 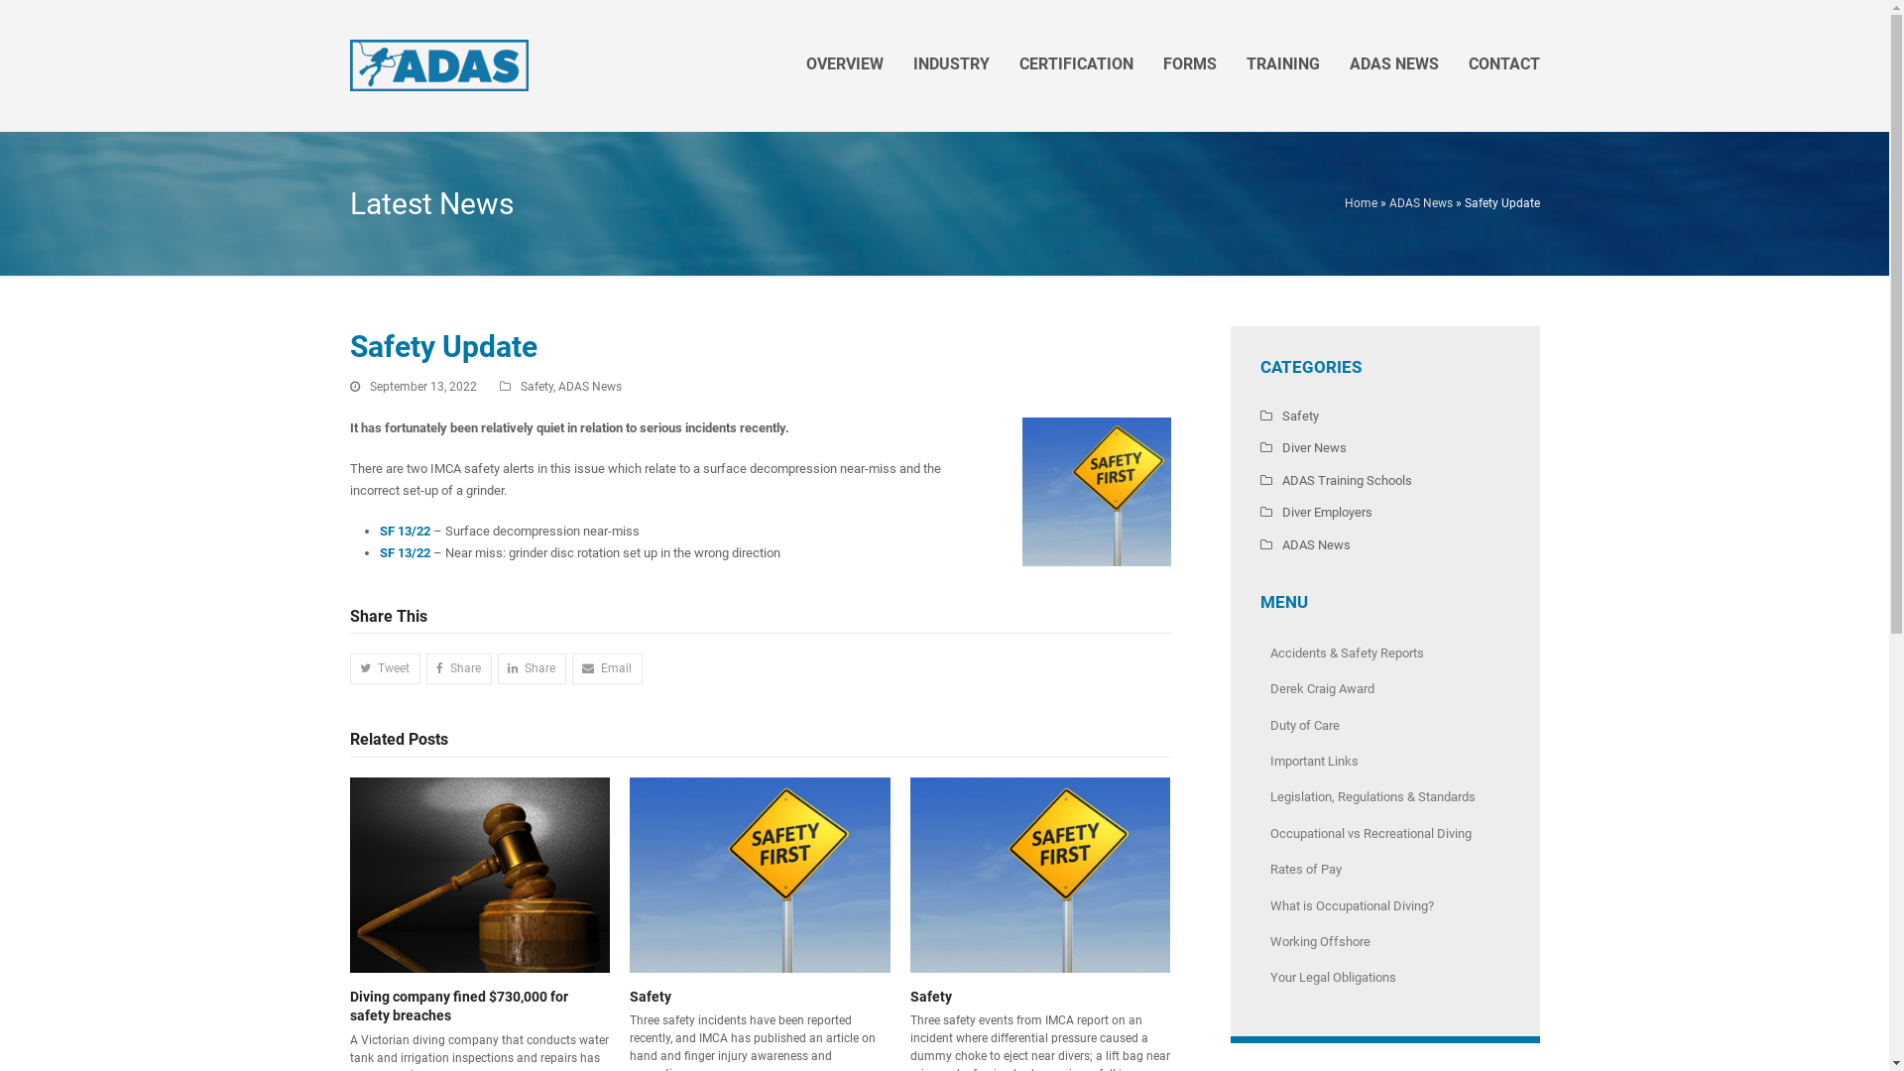 What do you see at coordinates (950, 63) in the screenshot?
I see `'INDUSTRY'` at bounding box center [950, 63].